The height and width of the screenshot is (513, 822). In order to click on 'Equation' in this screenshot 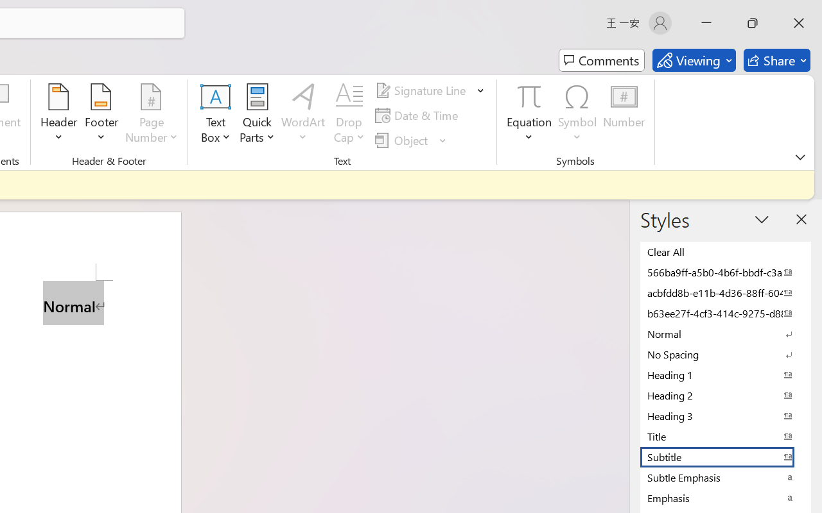, I will do `click(529, 96)`.